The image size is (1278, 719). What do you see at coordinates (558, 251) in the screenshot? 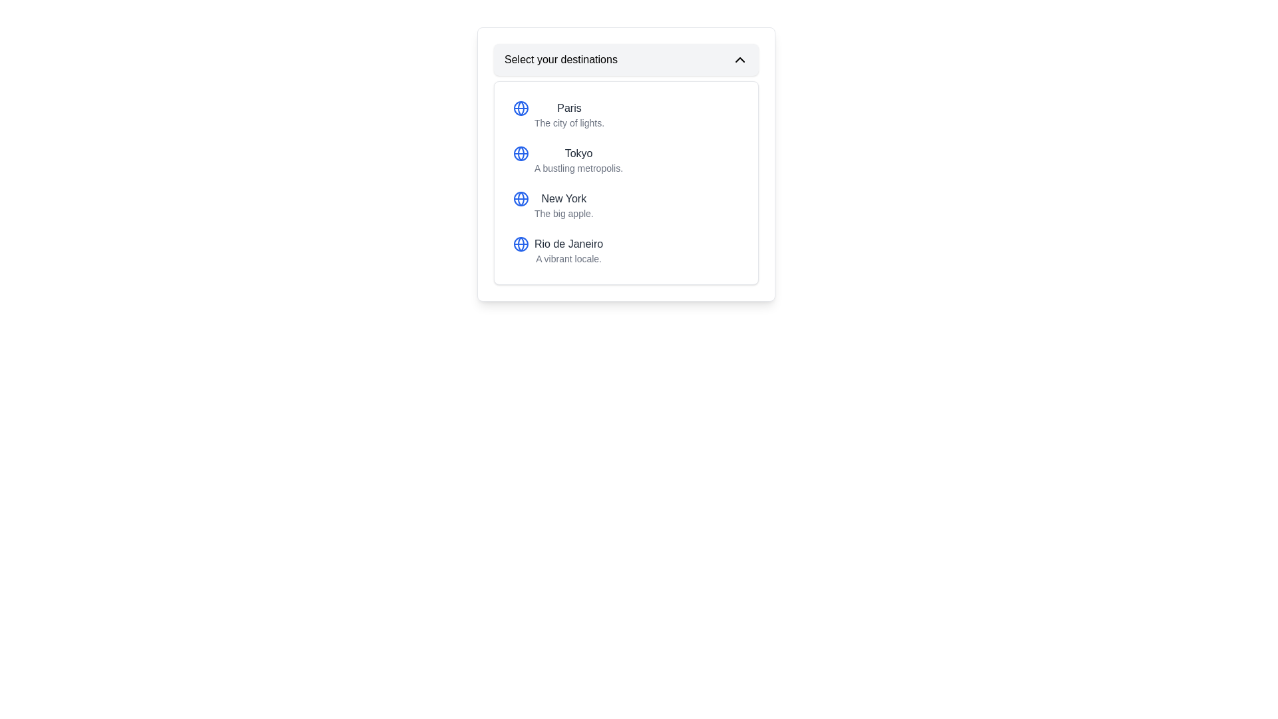
I see `keyboard navigation` at bounding box center [558, 251].